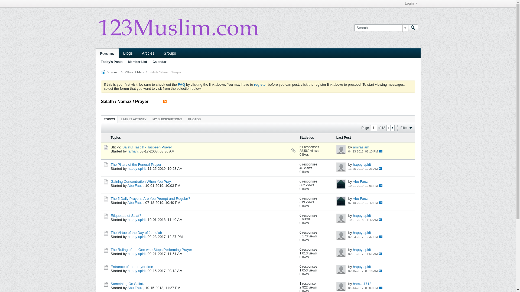  What do you see at coordinates (125, 215) in the screenshot?
I see `'Etiquettes of Salat?'` at bounding box center [125, 215].